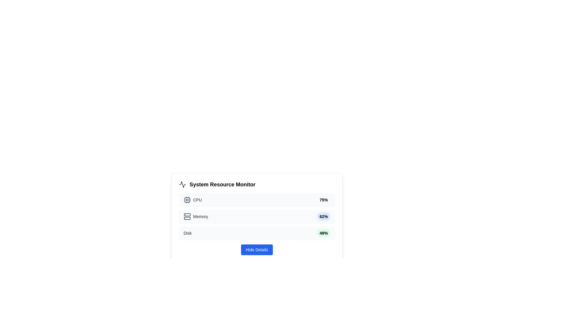 This screenshot has width=570, height=320. What do you see at coordinates (187, 200) in the screenshot?
I see `the CPU resource category icon, which is the first visual element to the left of the text 'CPU'` at bounding box center [187, 200].